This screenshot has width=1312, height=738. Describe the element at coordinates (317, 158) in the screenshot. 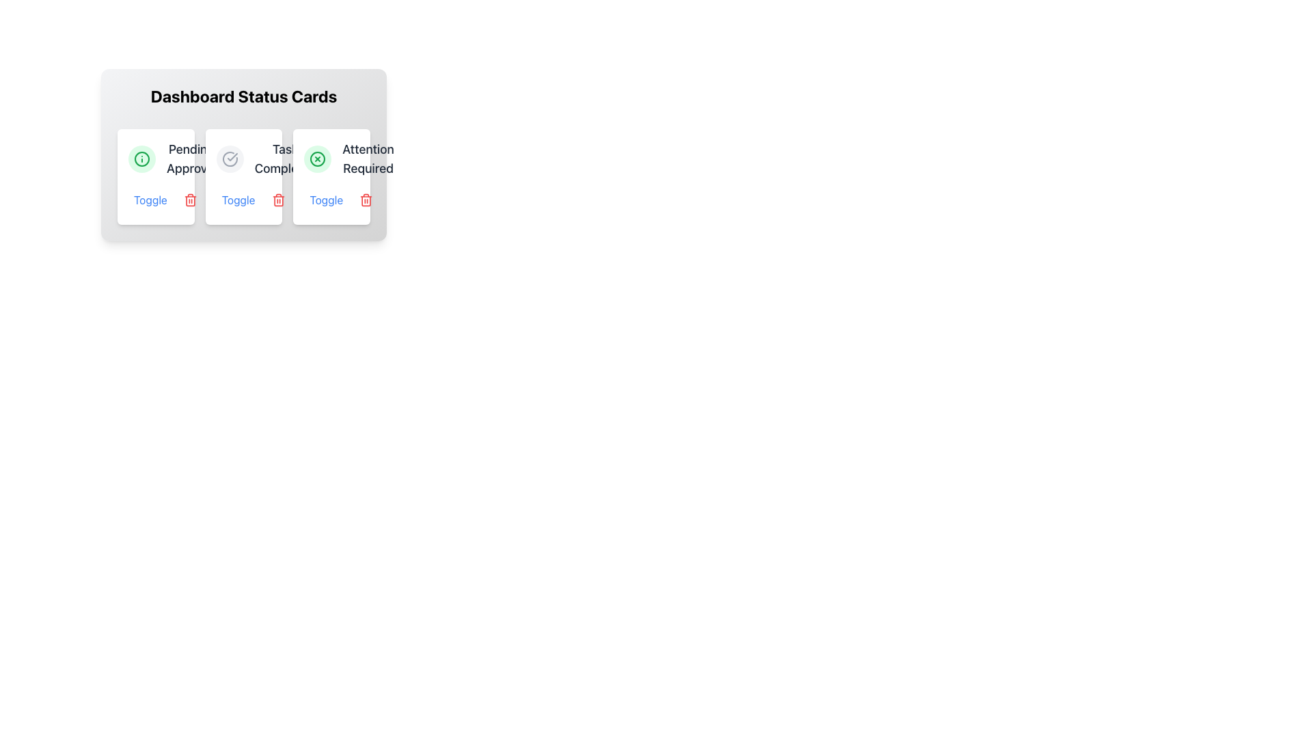

I see `the error/warning icon located centrally within the third card under the 'Dashboard Status Cards' section` at that location.